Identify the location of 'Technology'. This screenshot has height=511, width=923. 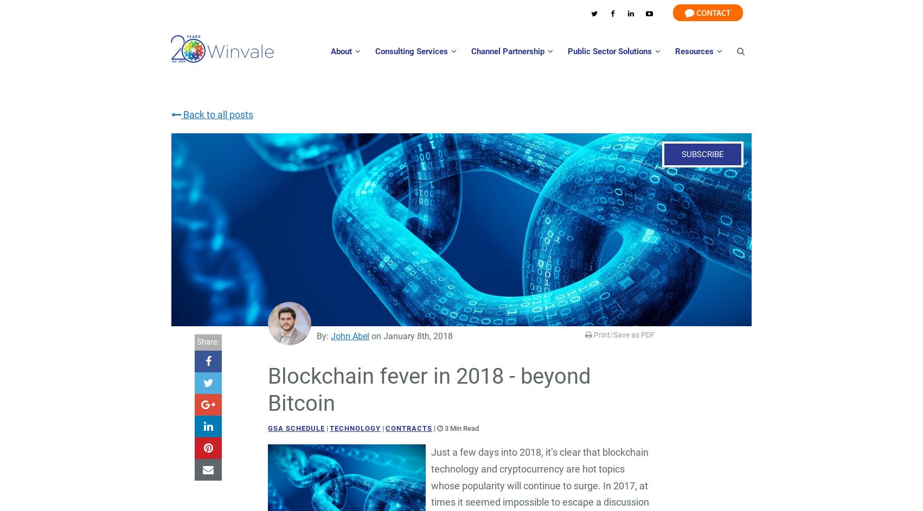
(329, 428).